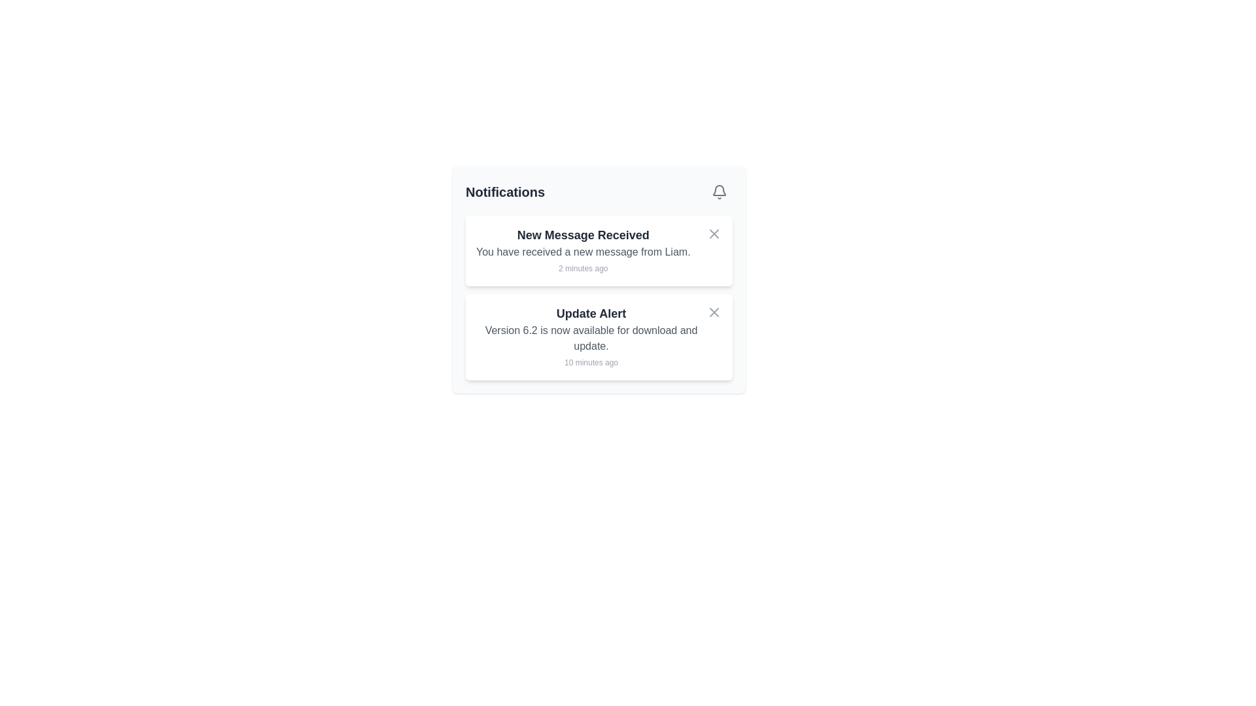 The height and width of the screenshot is (706, 1256). Describe the element at coordinates (713, 233) in the screenshot. I see `the close icon located at the top right corner of the 'New Message Received' notification card` at that location.